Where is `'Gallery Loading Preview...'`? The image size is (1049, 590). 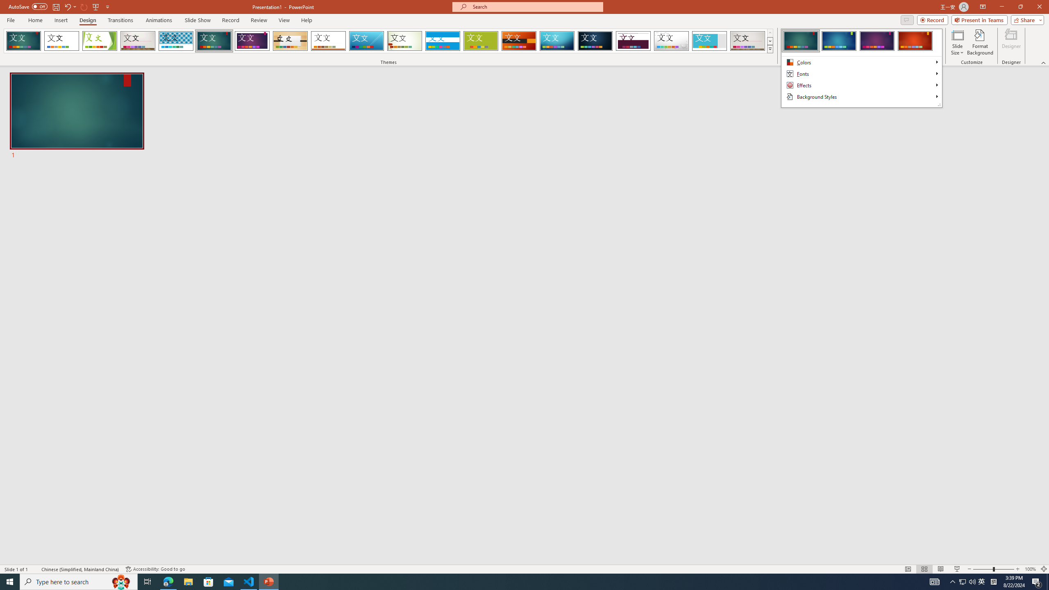 'Gallery Loading Preview...' is located at coordinates (748, 41).